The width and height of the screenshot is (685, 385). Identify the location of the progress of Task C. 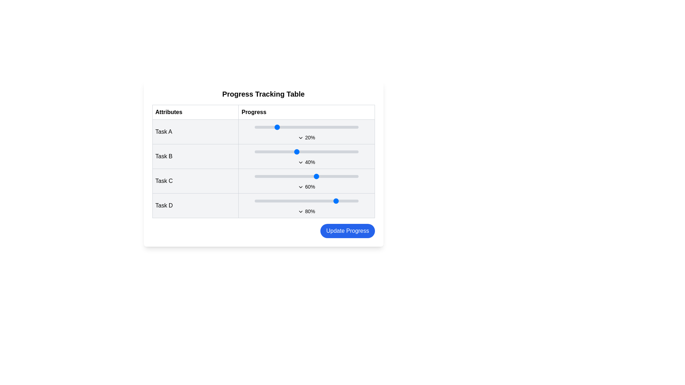
(255, 176).